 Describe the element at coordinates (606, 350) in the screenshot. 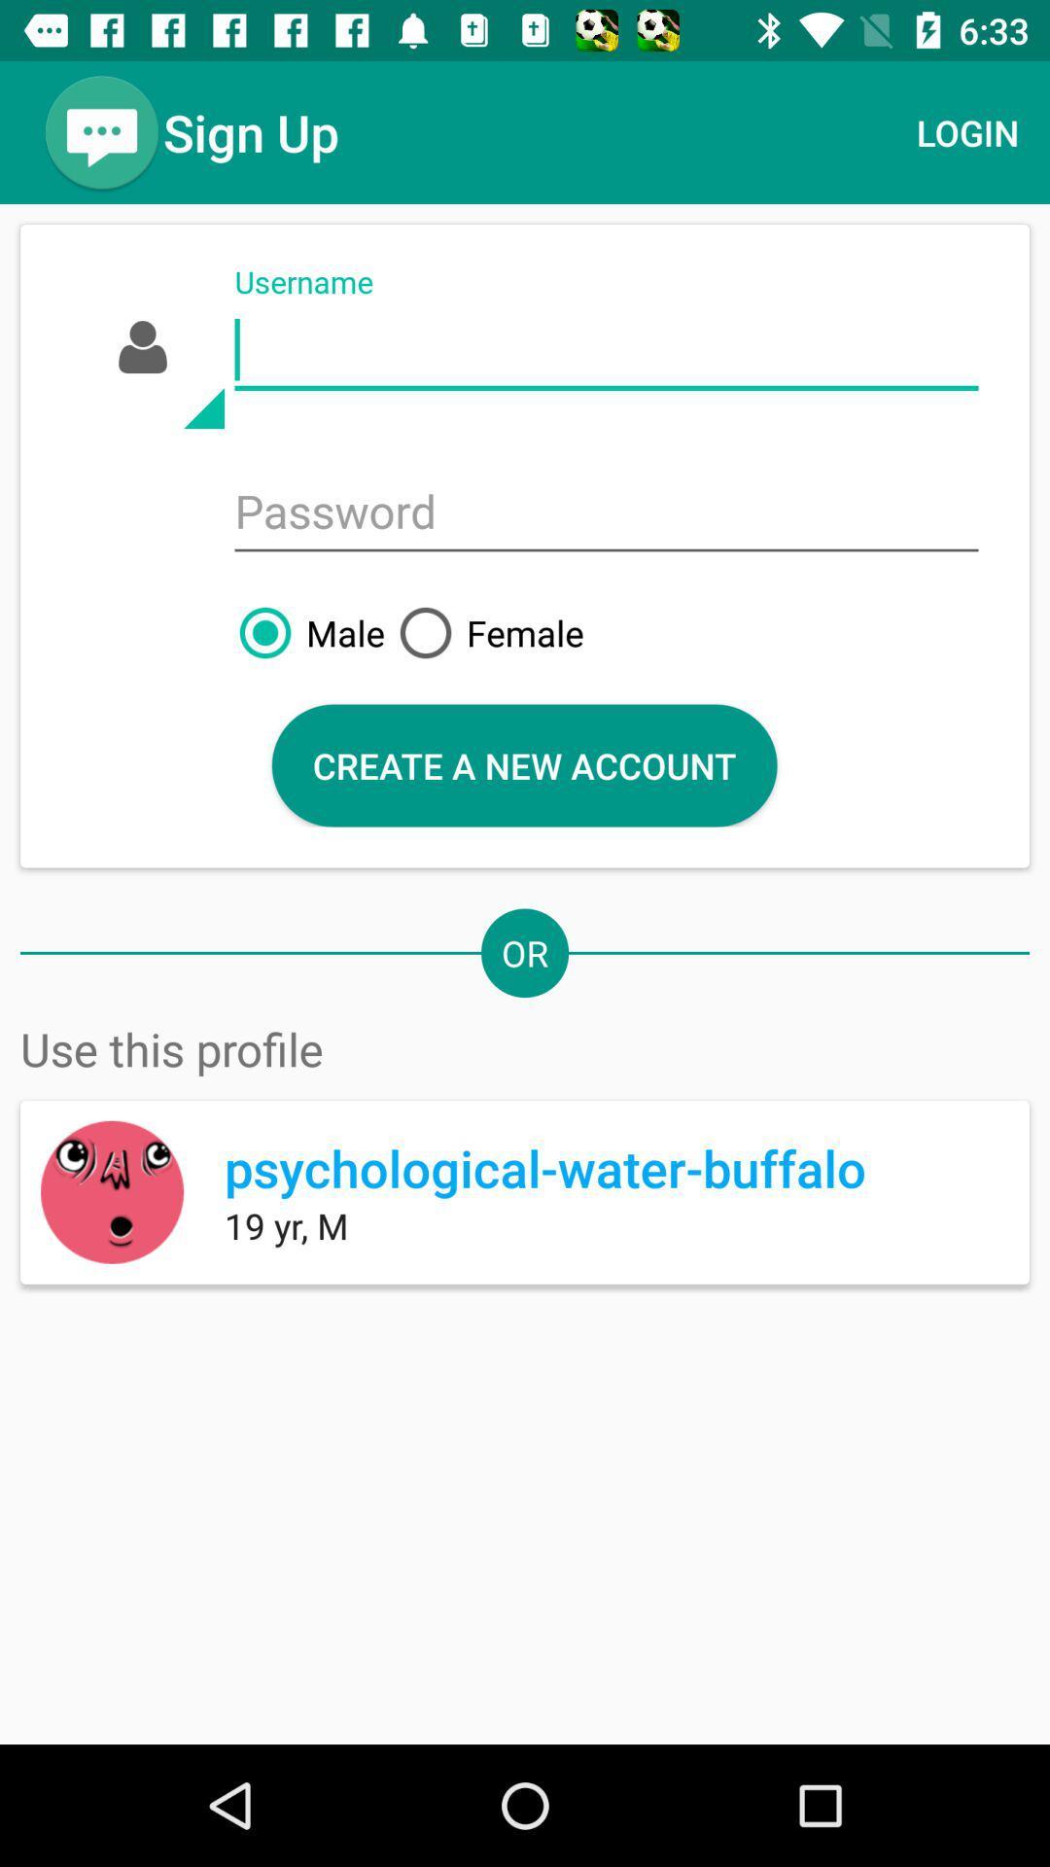

I see `username` at that location.